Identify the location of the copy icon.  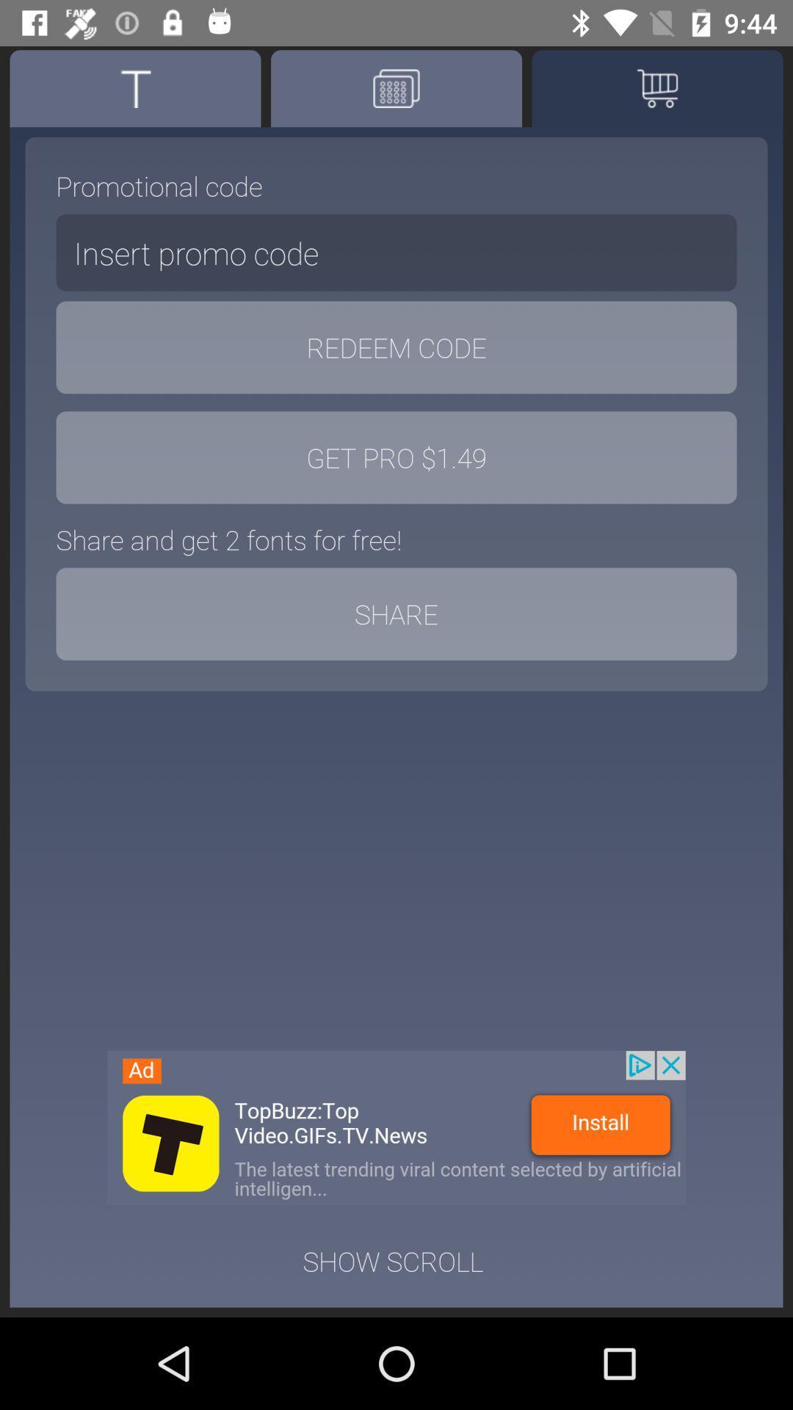
(396, 87).